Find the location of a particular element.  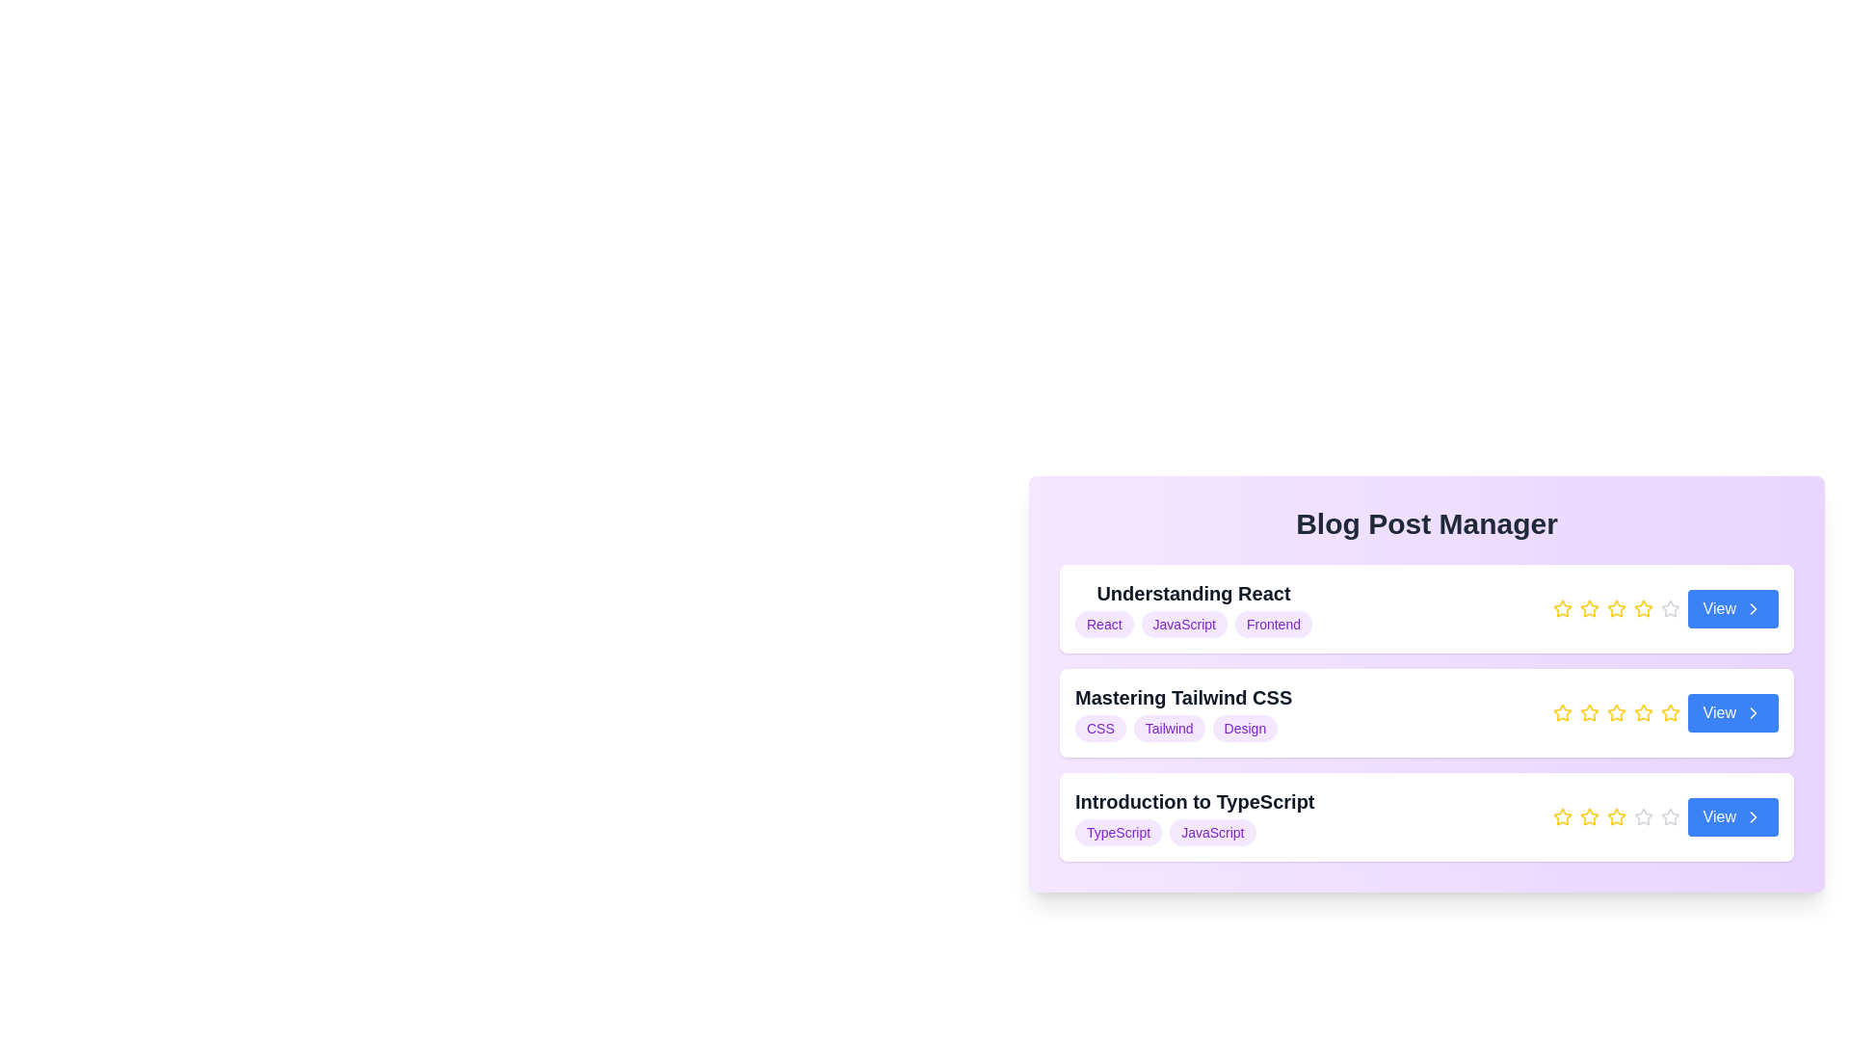

the sixth star icon in the rating component for the card labeled 'Understanding React' to provide interaction feedback is located at coordinates (1669, 609).